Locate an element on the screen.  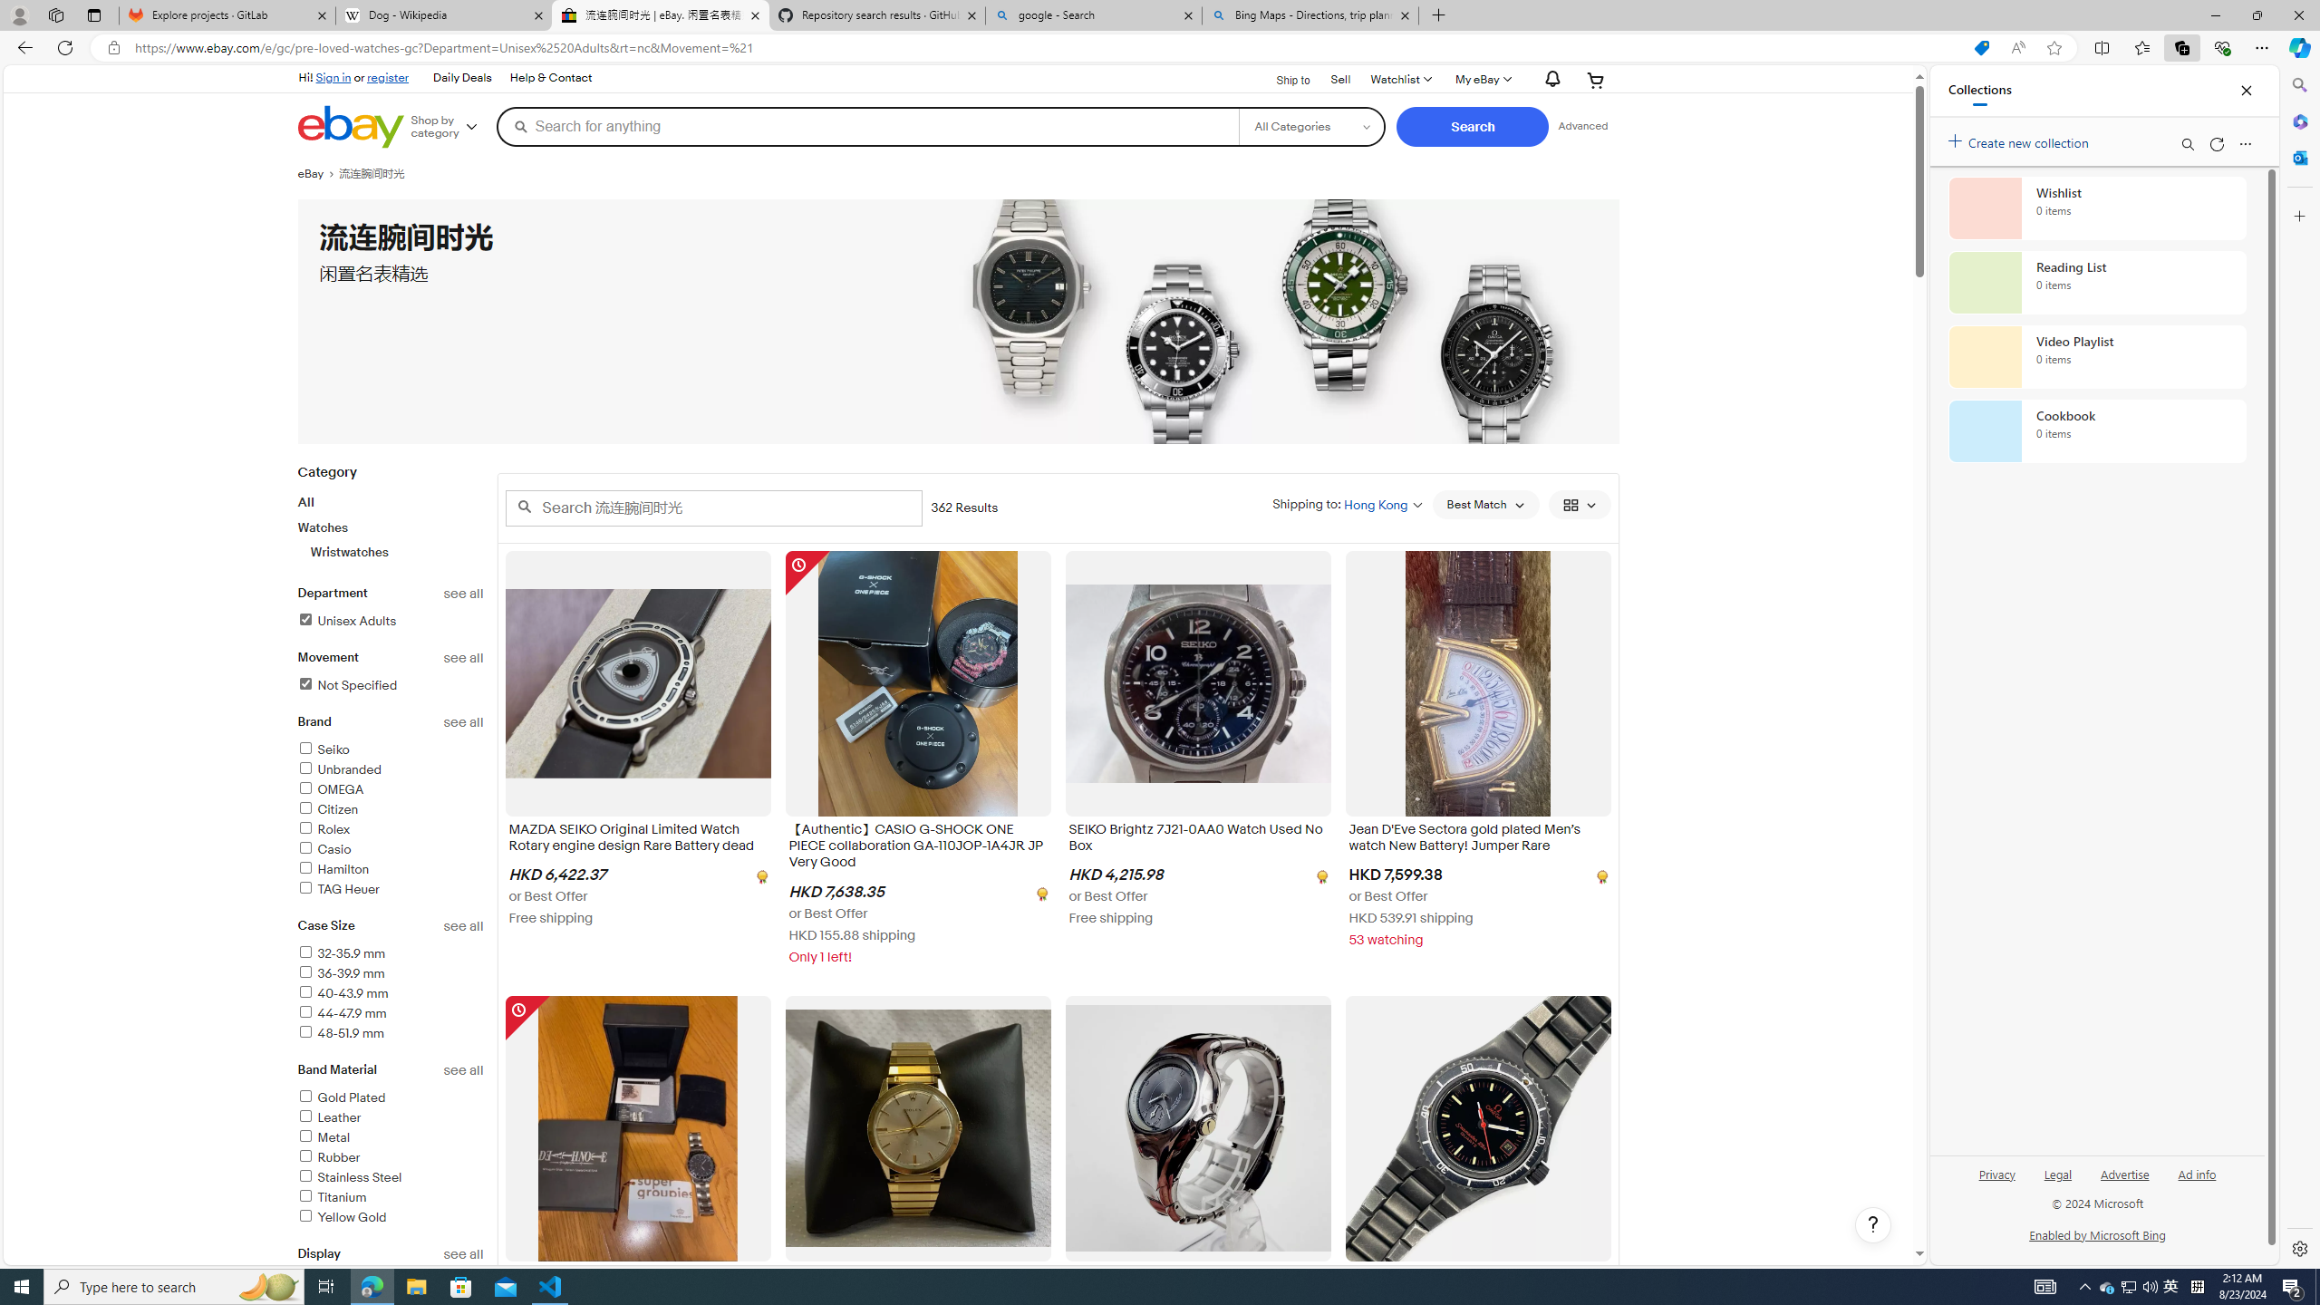
'Shop by category' is located at coordinates (450, 125).